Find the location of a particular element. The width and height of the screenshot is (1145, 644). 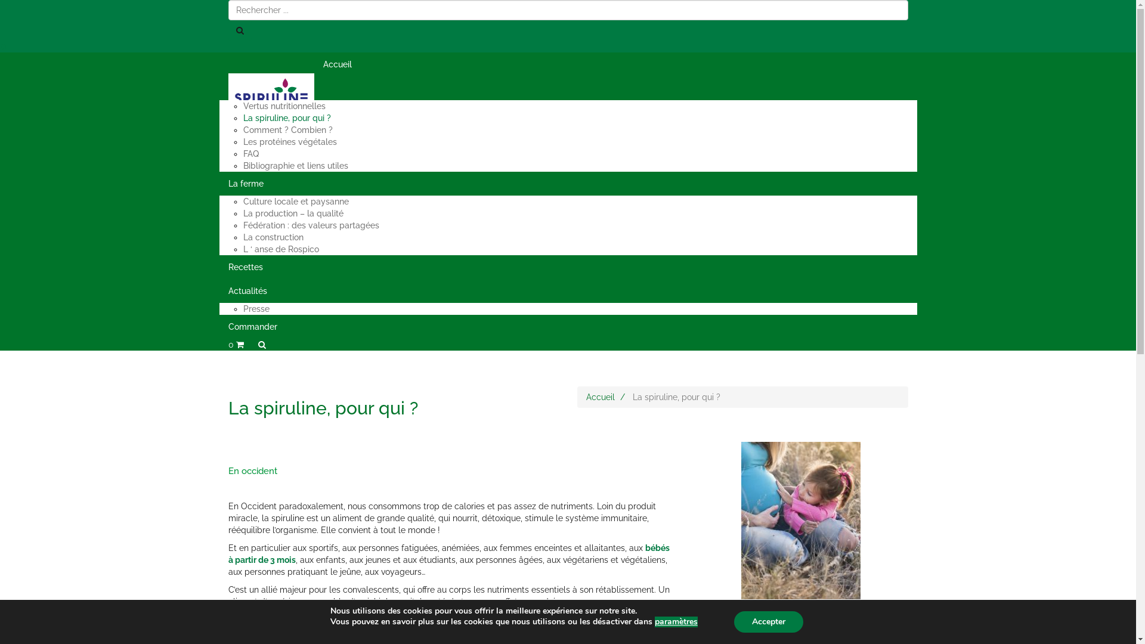

'La spiruline, pour qui ?' is located at coordinates (287, 117).